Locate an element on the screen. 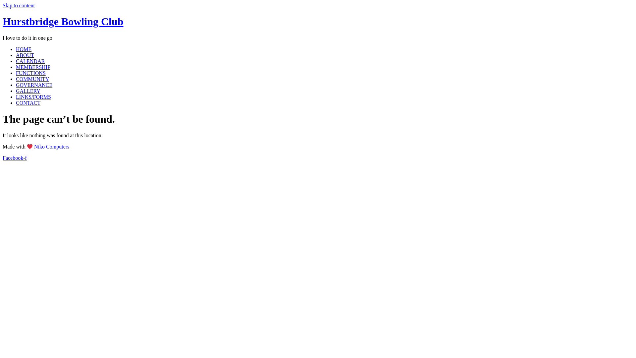  'LINKS/FORMS' is located at coordinates (16, 97).